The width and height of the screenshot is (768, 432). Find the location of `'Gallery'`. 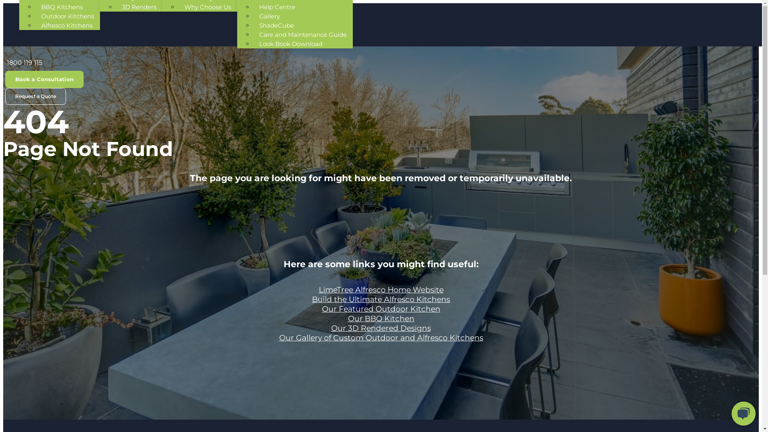

'Gallery' is located at coordinates (269, 16).